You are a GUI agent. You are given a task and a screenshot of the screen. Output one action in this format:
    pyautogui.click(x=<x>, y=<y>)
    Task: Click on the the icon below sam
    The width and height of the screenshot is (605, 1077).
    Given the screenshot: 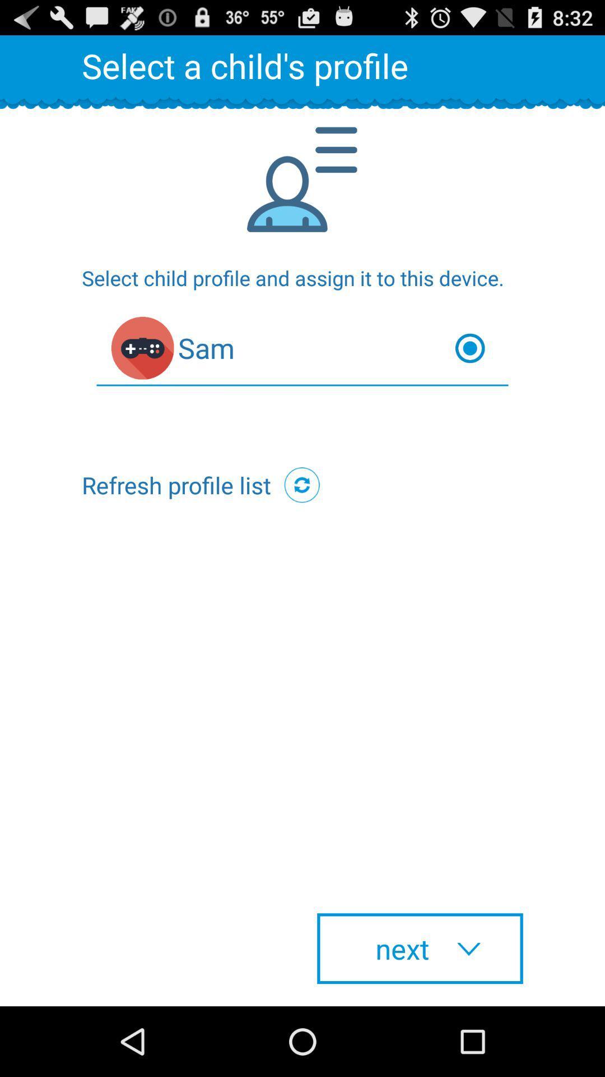 What is the action you would take?
    pyautogui.click(x=301, y=485)
    